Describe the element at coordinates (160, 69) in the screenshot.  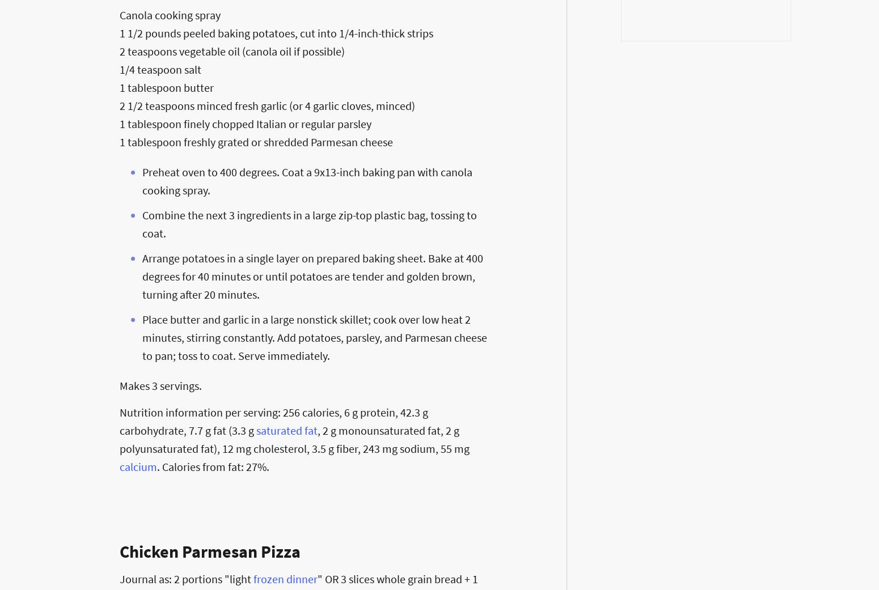
I see `'1/4 teaspoon salt'` at that location.